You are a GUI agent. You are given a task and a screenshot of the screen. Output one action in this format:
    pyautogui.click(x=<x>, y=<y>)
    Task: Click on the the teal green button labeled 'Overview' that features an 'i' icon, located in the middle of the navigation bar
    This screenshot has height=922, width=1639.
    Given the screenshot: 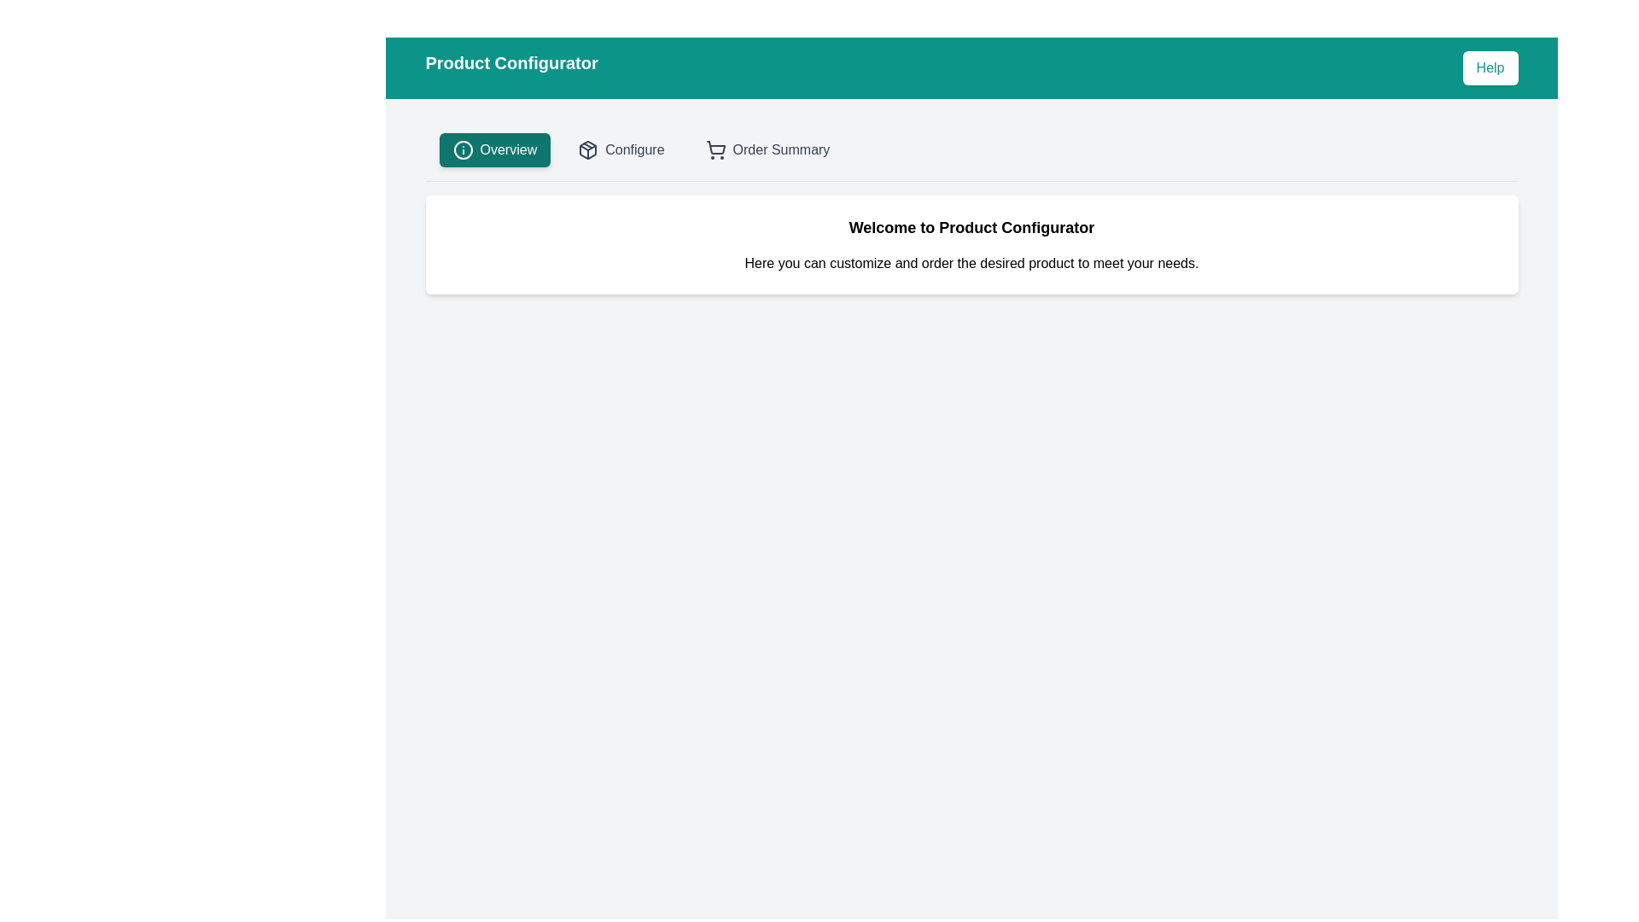 What is the action you would take?
    pyautogui.click(x=493, y=149)
    